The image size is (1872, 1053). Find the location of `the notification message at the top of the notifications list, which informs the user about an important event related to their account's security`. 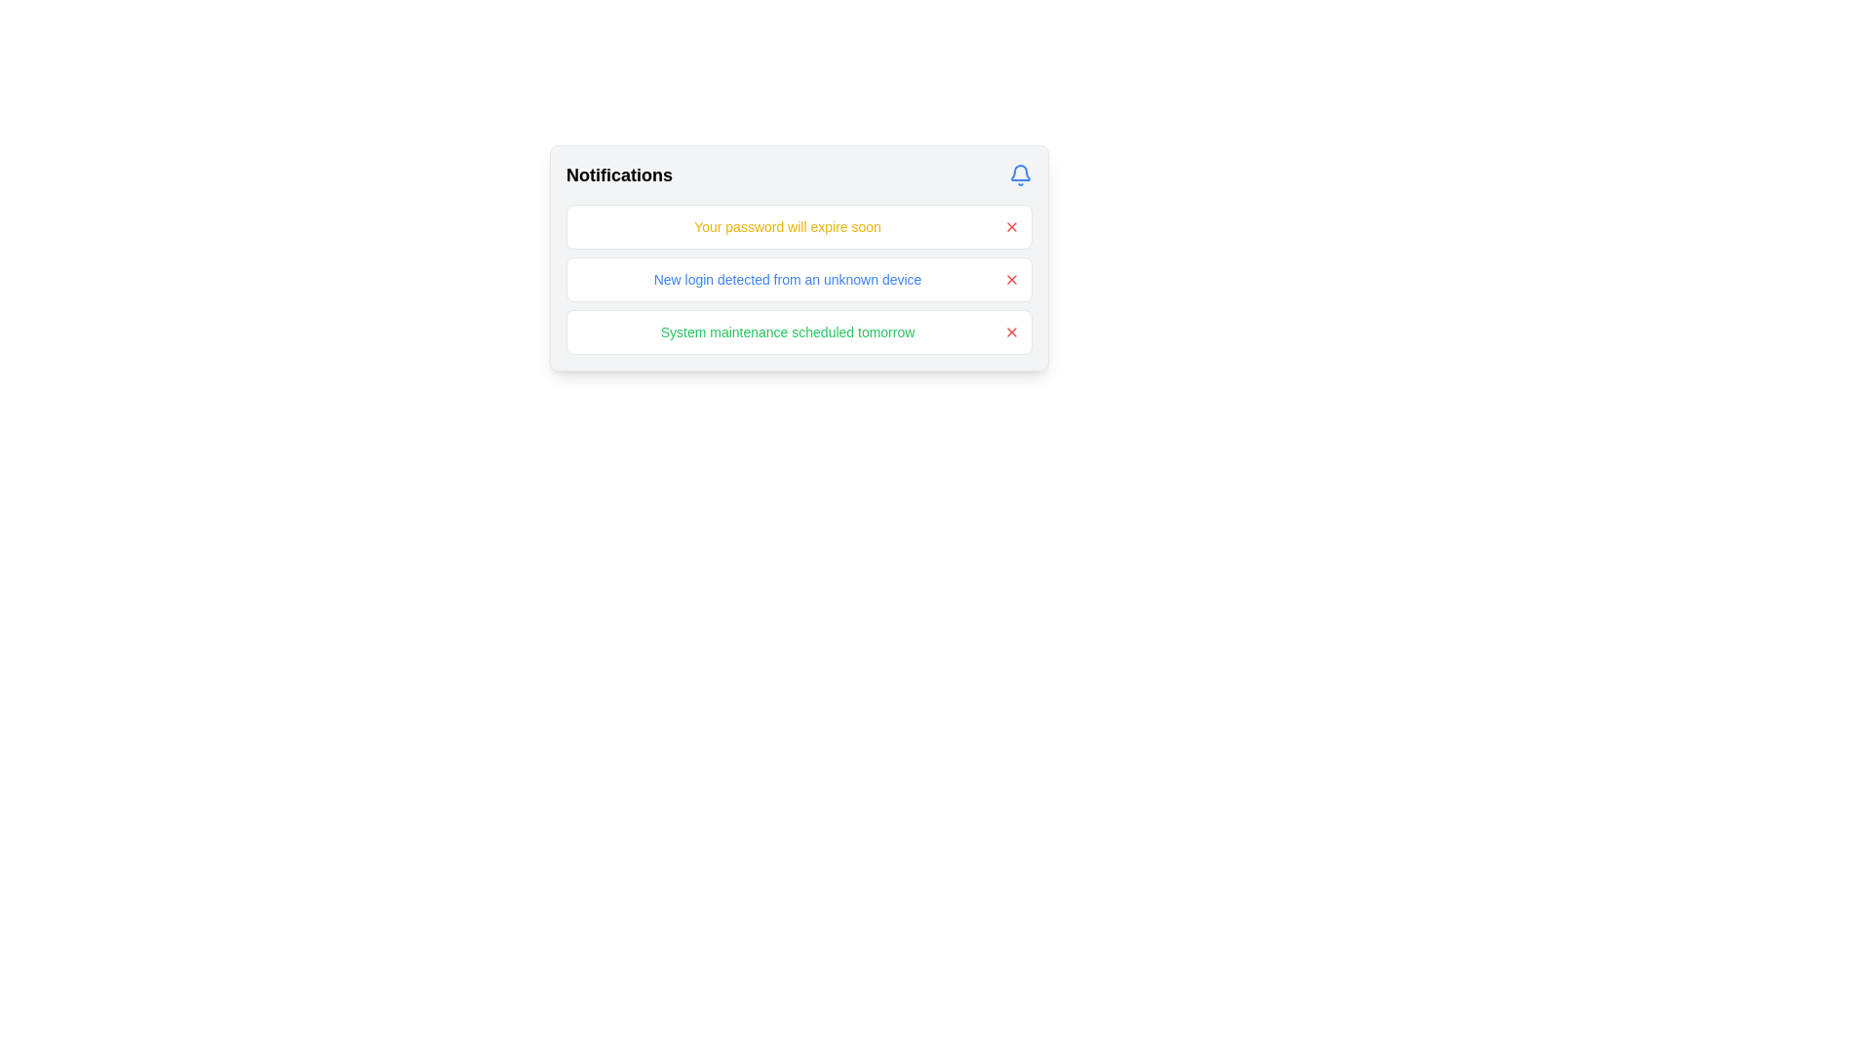

the notification message at the top of the notifications list, which informs the user about an important event related to their account's security is located at coordinates (787, 225).